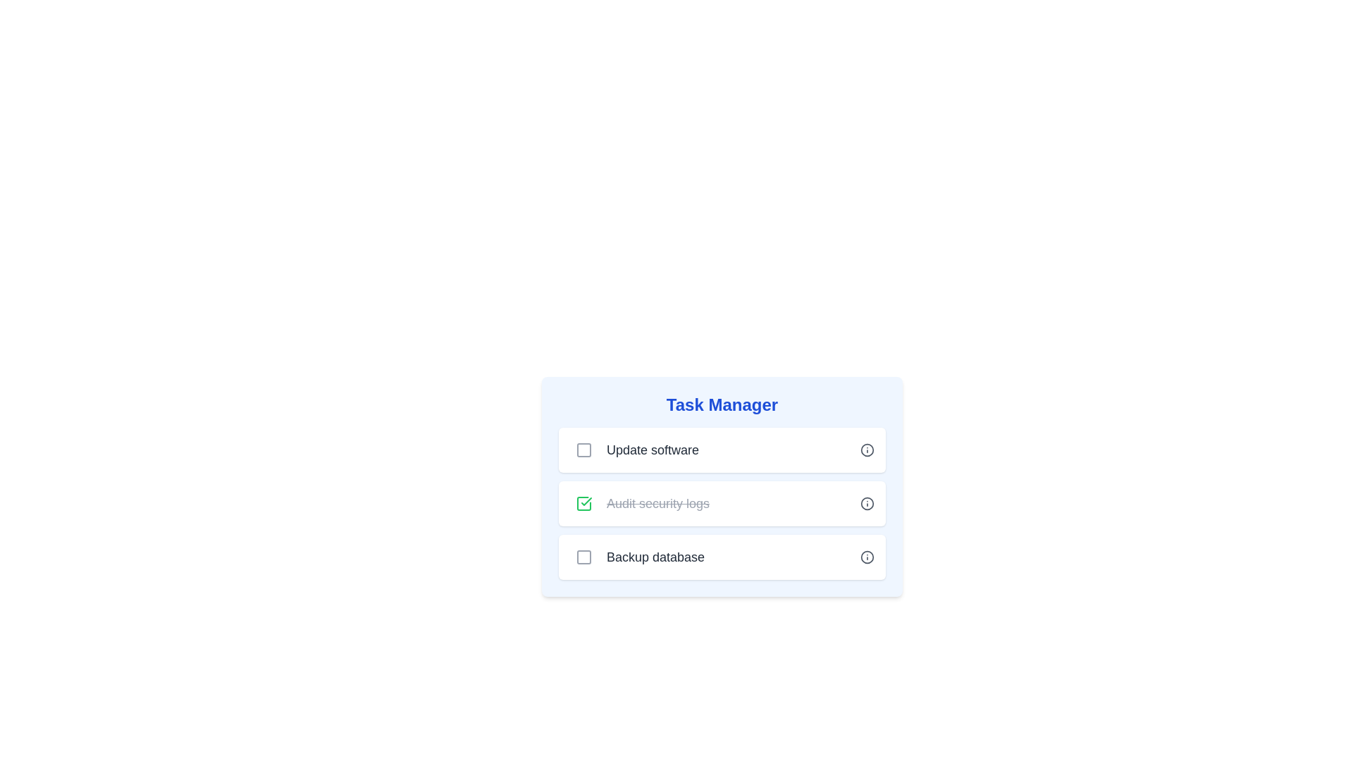  I want to click on the checked status icon located to the left of the 'Audit security logs' label in the 'Task Manager' section, so click(586, 501).